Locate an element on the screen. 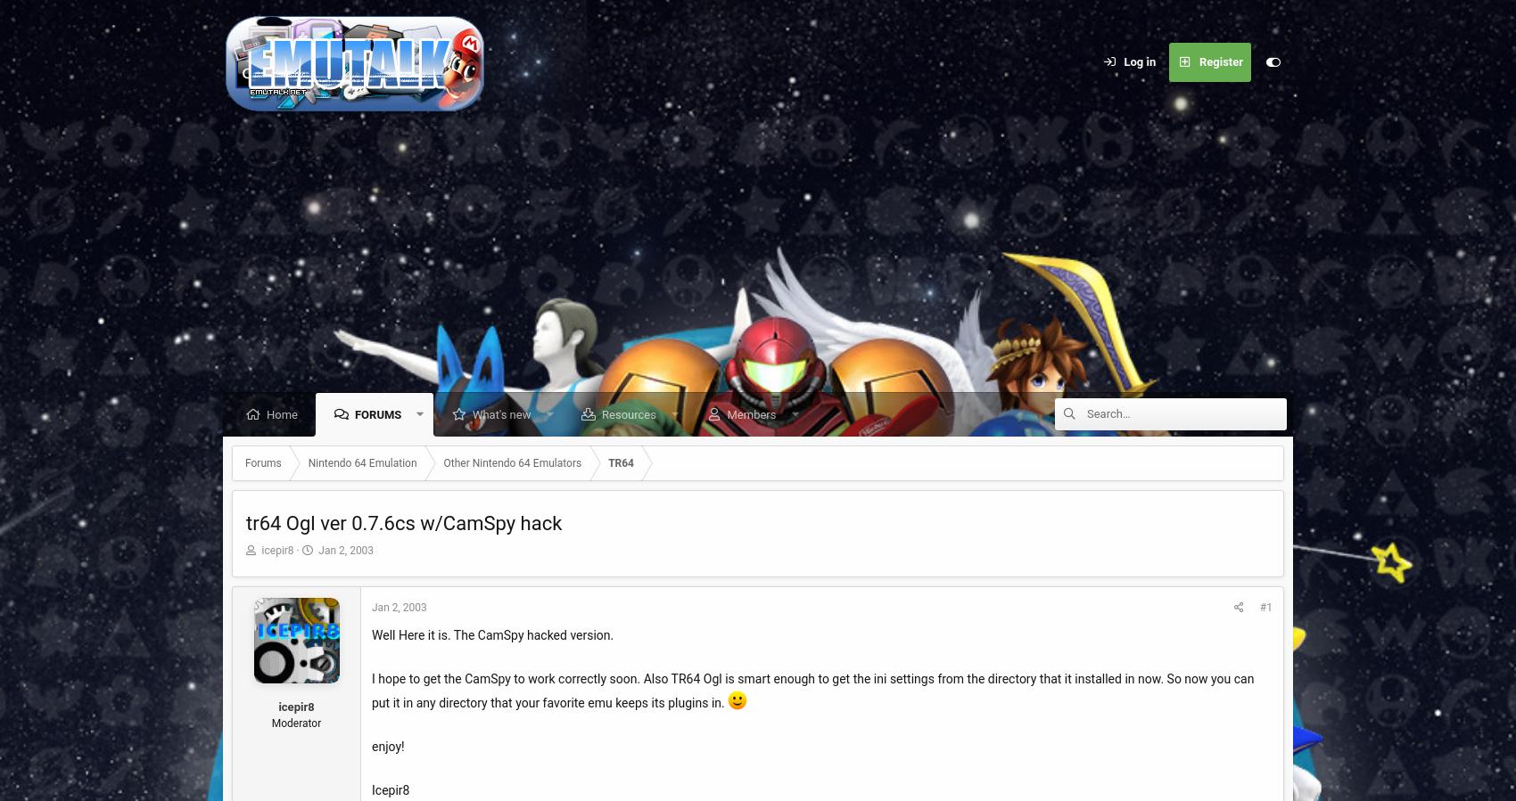  'Resources' is located at coordinates (628, 414).